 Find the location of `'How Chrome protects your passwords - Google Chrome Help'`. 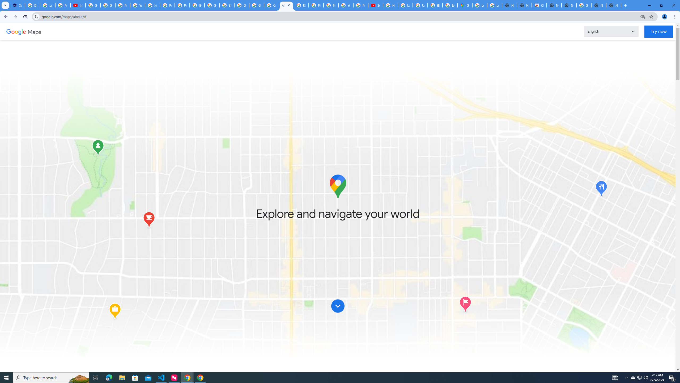

'How Chrome protects your passwords - Google Chrome Help' is located at coordinates (390, 5).